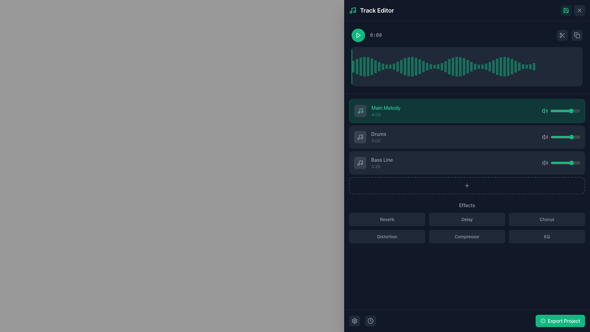 Image resolution: width=590 pixels, height=332 pixels. What do you see at coordinates (371, 10) in the screenshot?
I see `the 'Track Editor' heading text label located at the top-left corner of the dark blue header bar` at bounding box center [371, 10].